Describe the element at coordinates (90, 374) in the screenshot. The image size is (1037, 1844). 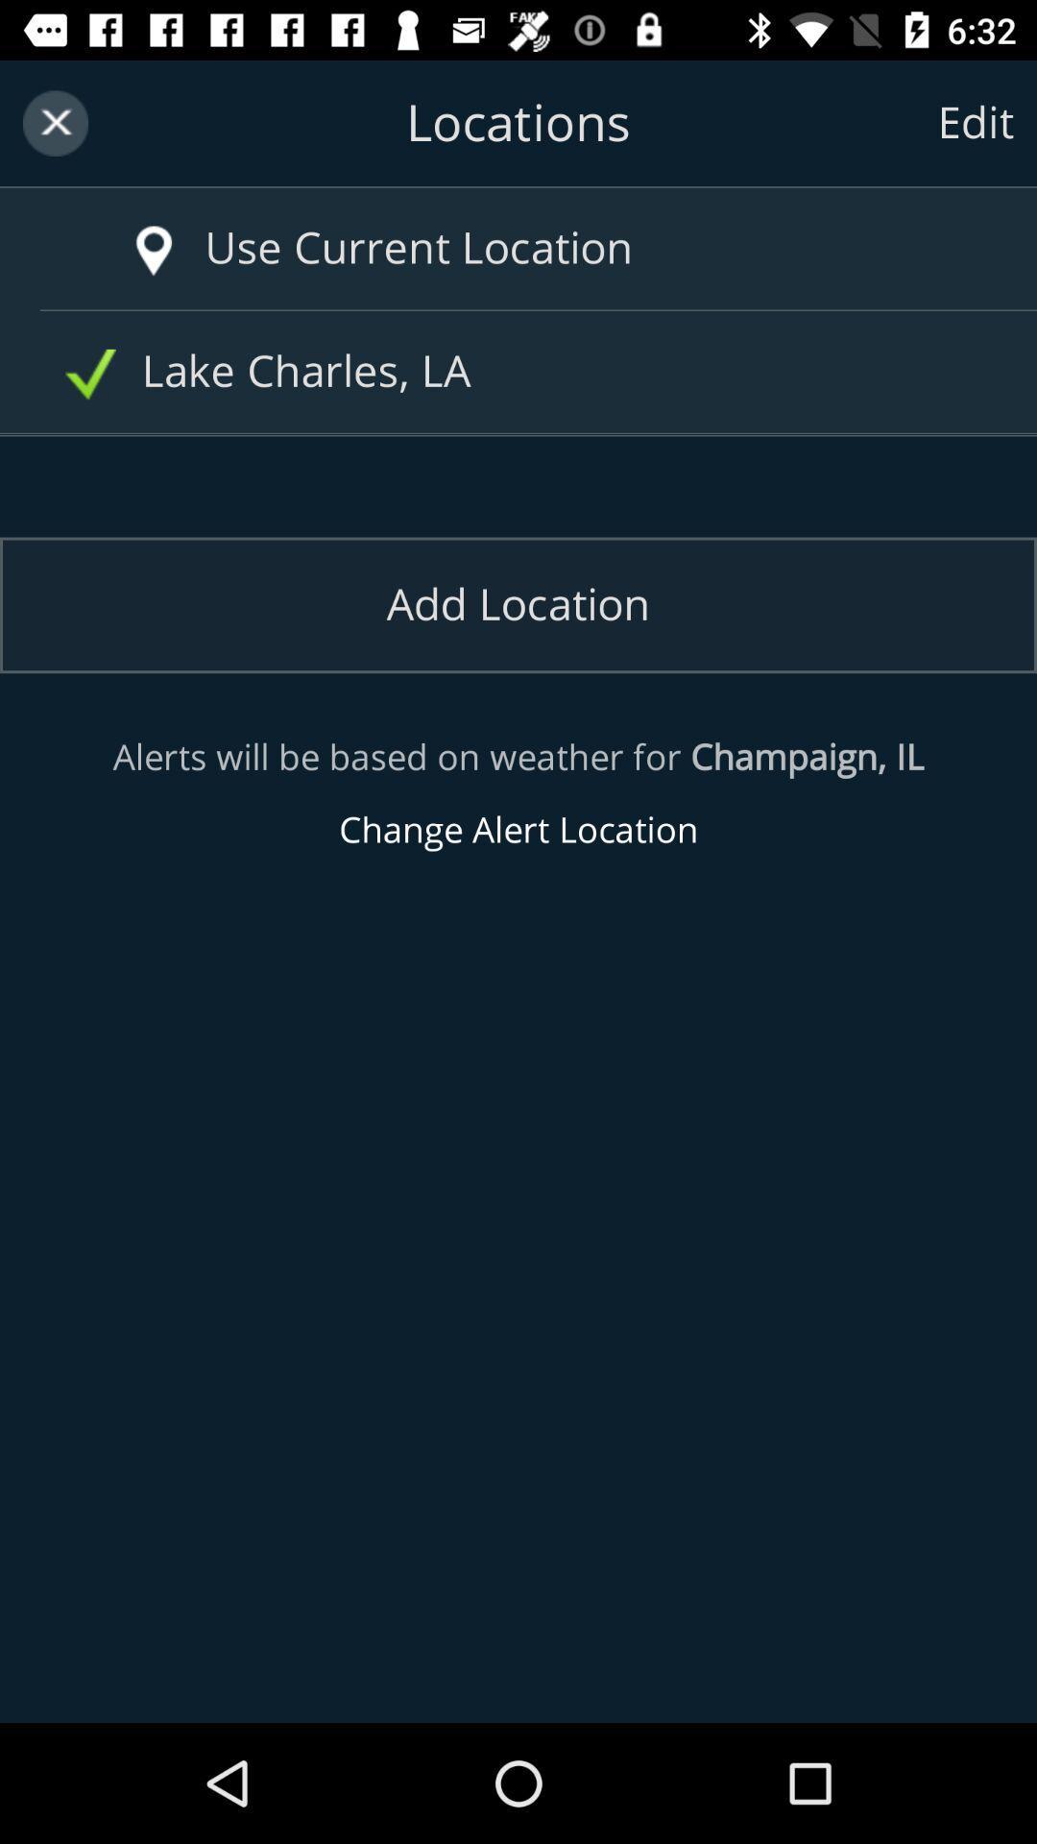
I see `the selected box to the left of lake charles la` at that location.